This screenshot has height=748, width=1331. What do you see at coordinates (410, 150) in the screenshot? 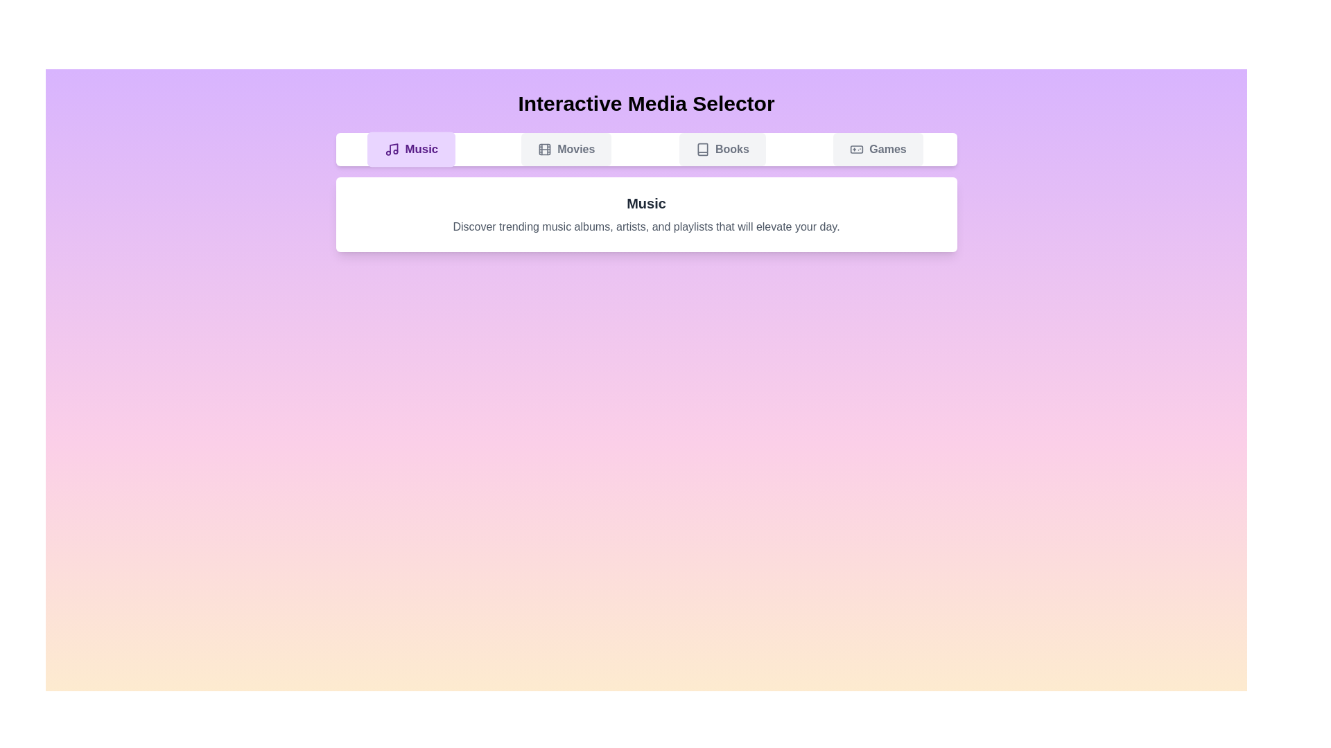
I see `the Music tab to view its content` at bounding box center [410, 150].